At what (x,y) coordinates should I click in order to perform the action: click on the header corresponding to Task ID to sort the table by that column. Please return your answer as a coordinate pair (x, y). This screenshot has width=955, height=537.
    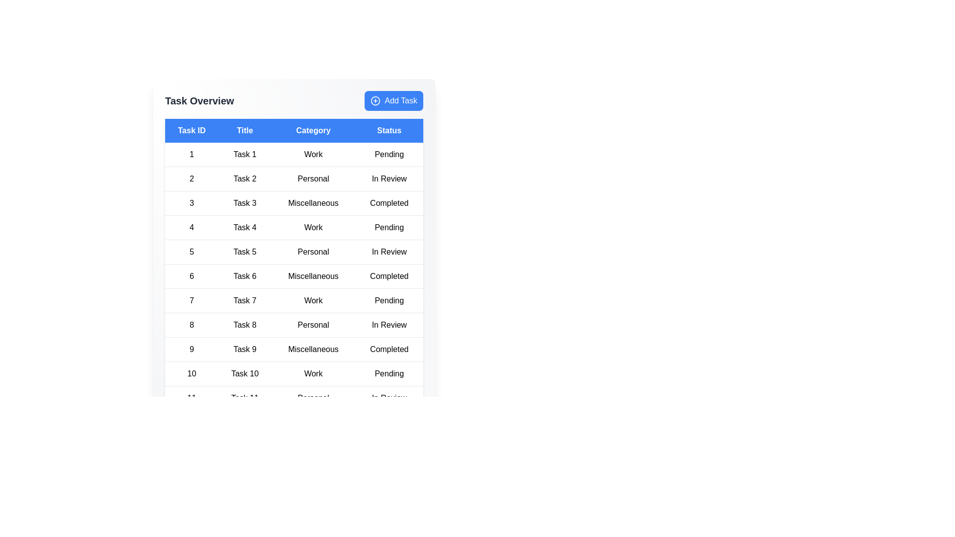
    Looking at the image, I should click on (191, 130).